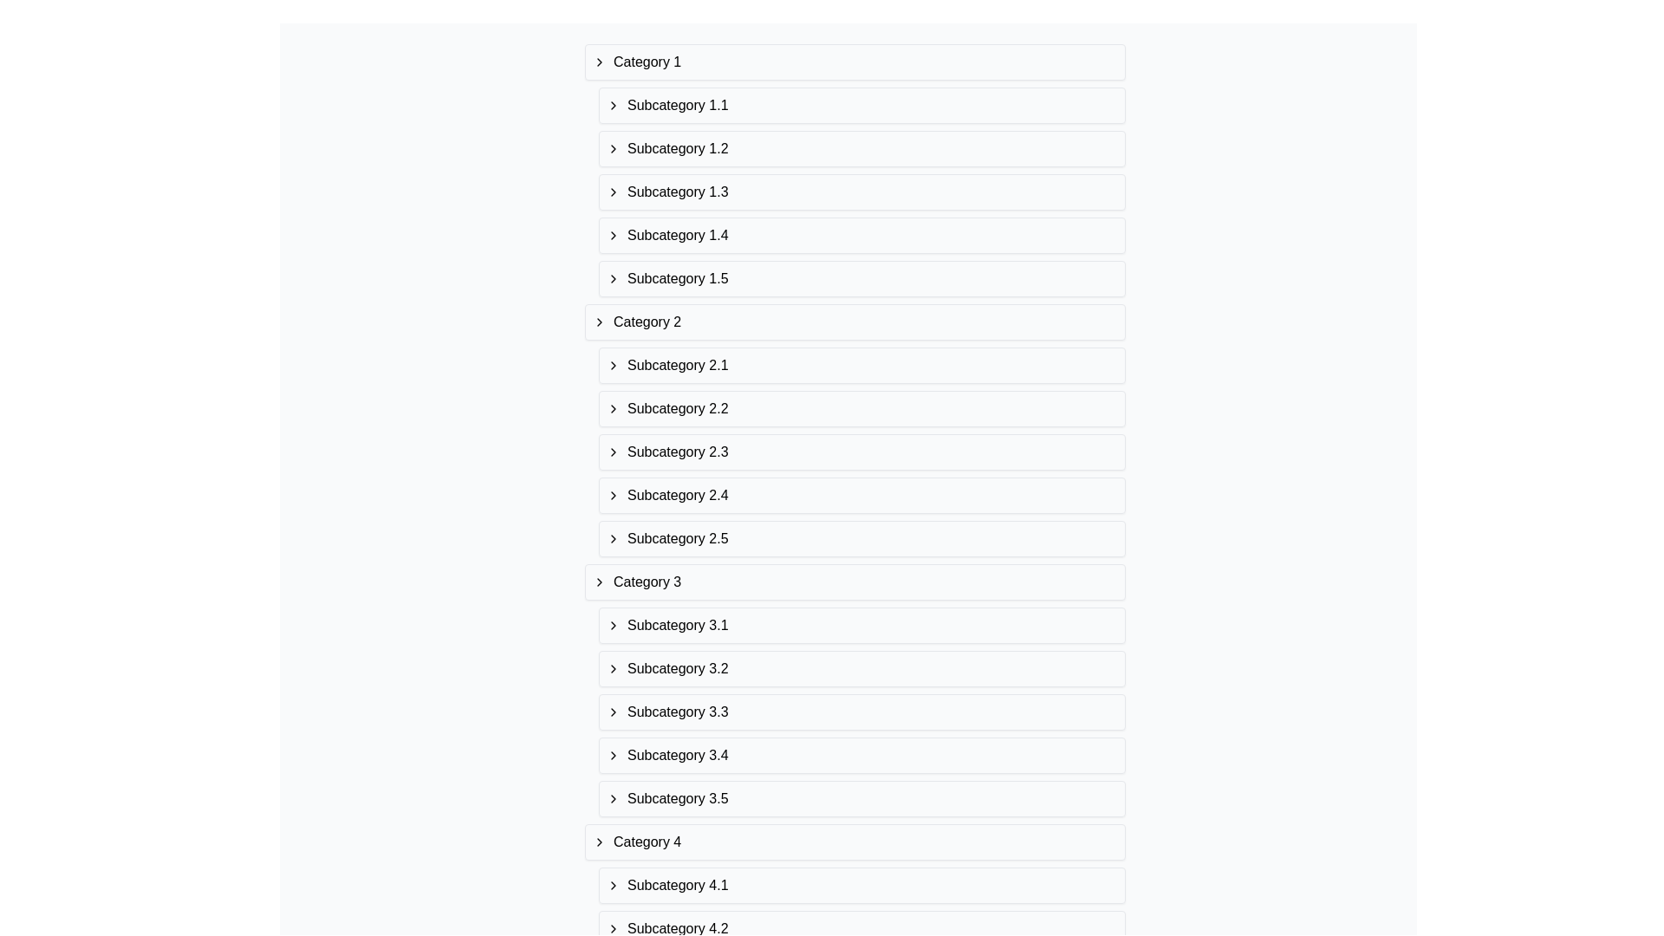  What do you see at coordinates (599, 62) in the screenshot?
I see `the chevron icon that resembles a right-pointing arrow, which is located in the 'Category 1' row next to the text 'Category 1'` at bounding box center [599, 62].